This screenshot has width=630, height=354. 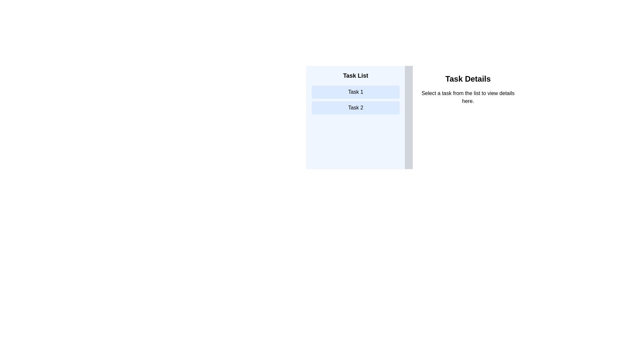 What do you see at coordinates (468, 97) in the screenshot?
I see `the static instructional text located directly below the 'Task Details' title in the right panel of the interface` at bounding box center [468, 97].